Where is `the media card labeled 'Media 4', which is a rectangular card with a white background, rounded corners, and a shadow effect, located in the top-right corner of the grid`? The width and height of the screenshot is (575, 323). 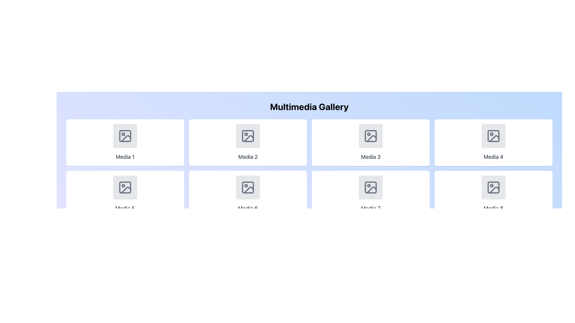 the media card labeled 'Media 4', which is a rectangular card with a white background, rounded corners, and a shadow effect, located in the top-right corner of the grid is located at coordinates (493, 143).